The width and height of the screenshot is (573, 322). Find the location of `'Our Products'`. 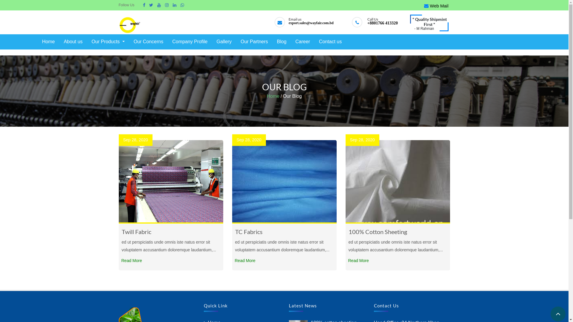

'Our Products' is located at coordinates (108, 41).